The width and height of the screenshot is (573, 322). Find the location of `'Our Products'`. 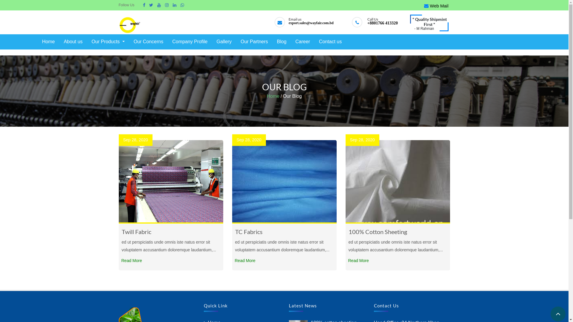

'Our Products' is located at coordinates (108, 41).